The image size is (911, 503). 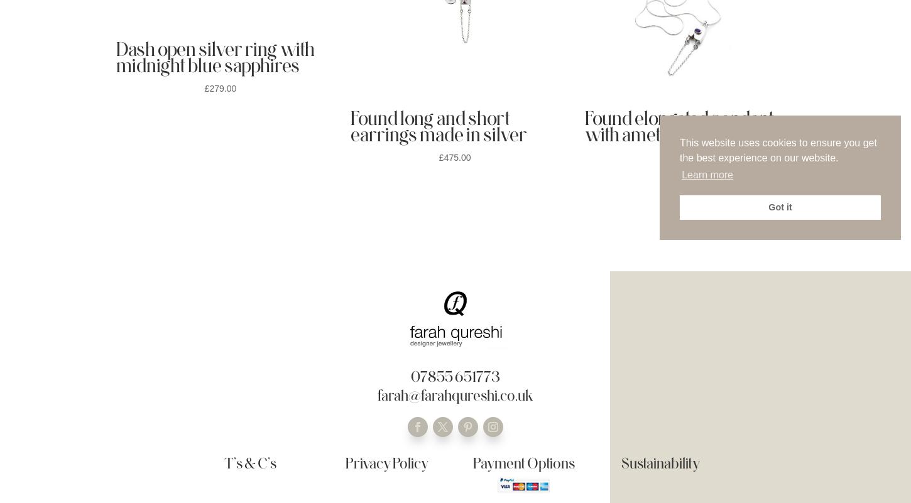 What do you see at coordinates (778, 150) in the screenshot?
I see `'This website uses cookies to ensure you get the best experience on our website.'` at bounding box center [778, 150].